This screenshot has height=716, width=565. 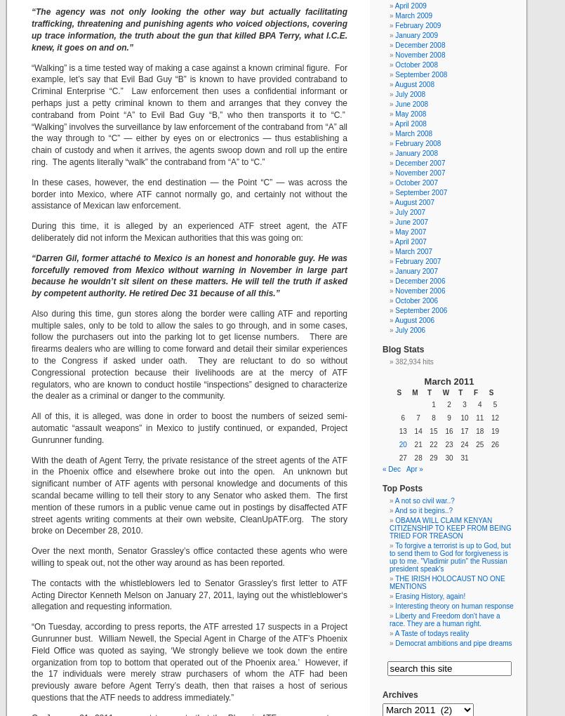 What do you see at coordinates (416, 35) in the screenshot?
I see `'January 2009'` at bounding box center [416, 35].